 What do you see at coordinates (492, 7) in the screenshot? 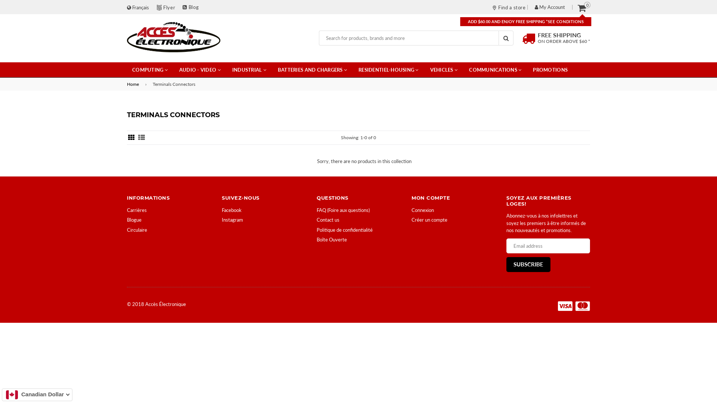
I see `'Find a store'` at bounding box center [492, 7].